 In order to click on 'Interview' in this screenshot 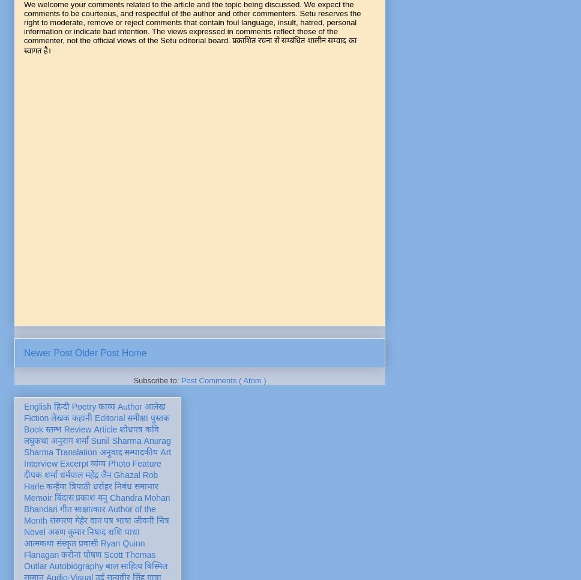, I will do `click(40, 462)`.